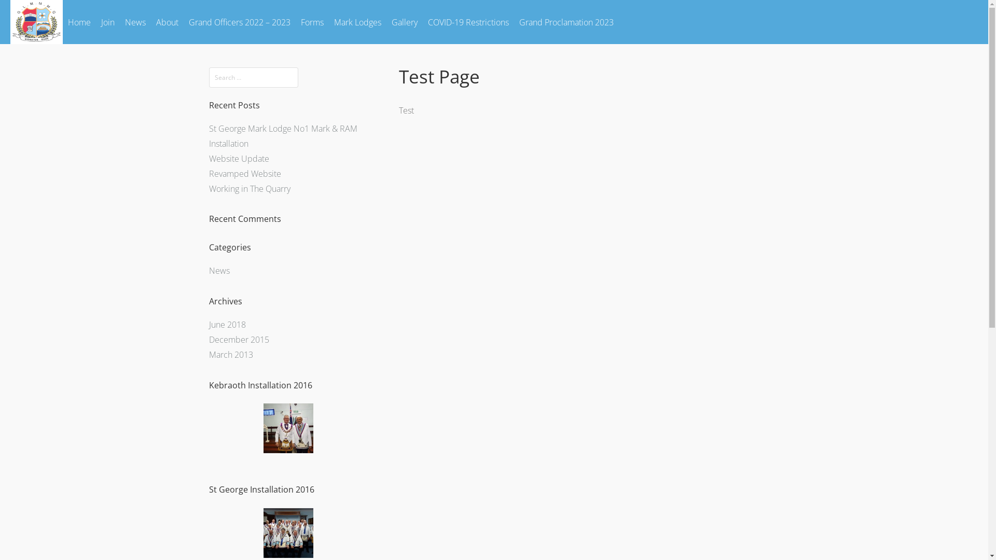 This screenshot has height=560, width=996. I want to click on 'Home', so click(79, 22).